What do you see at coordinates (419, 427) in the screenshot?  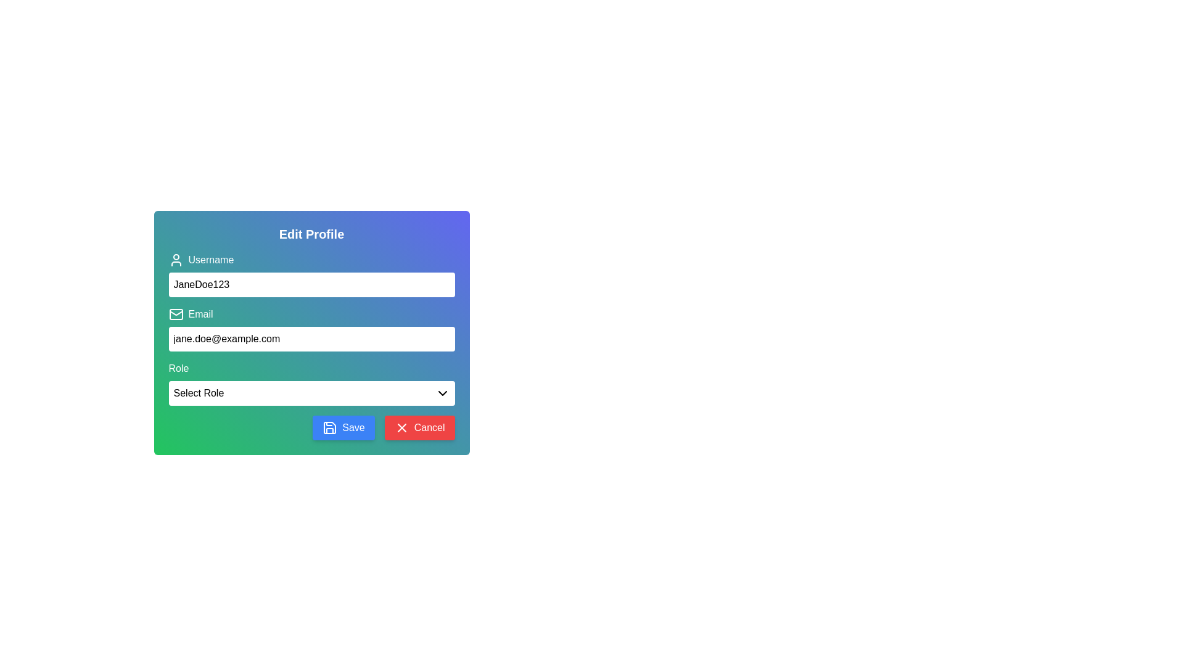 I see `the cancel button located in the bottom-right section of the panel` at bounding box center [419, 427].